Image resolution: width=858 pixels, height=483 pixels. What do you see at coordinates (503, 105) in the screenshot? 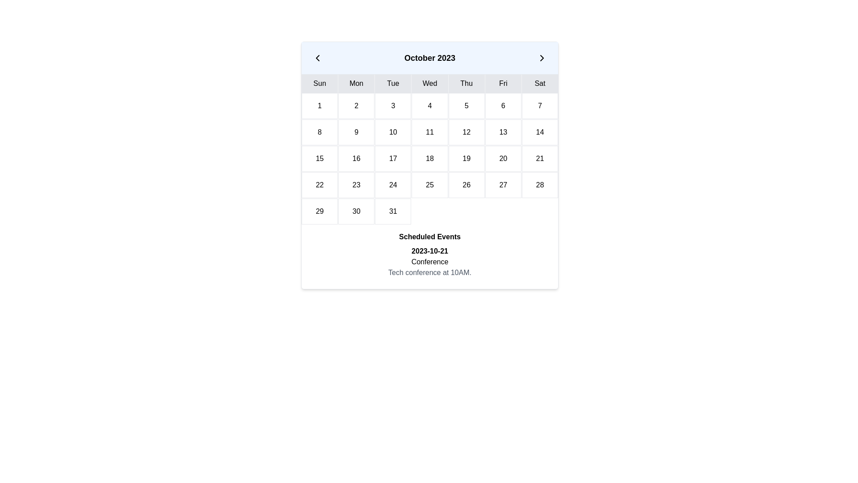
I see `the calendar date cell displaying the number '6' in the grid under the 'Fri' header` at bounding box center [503, 105].